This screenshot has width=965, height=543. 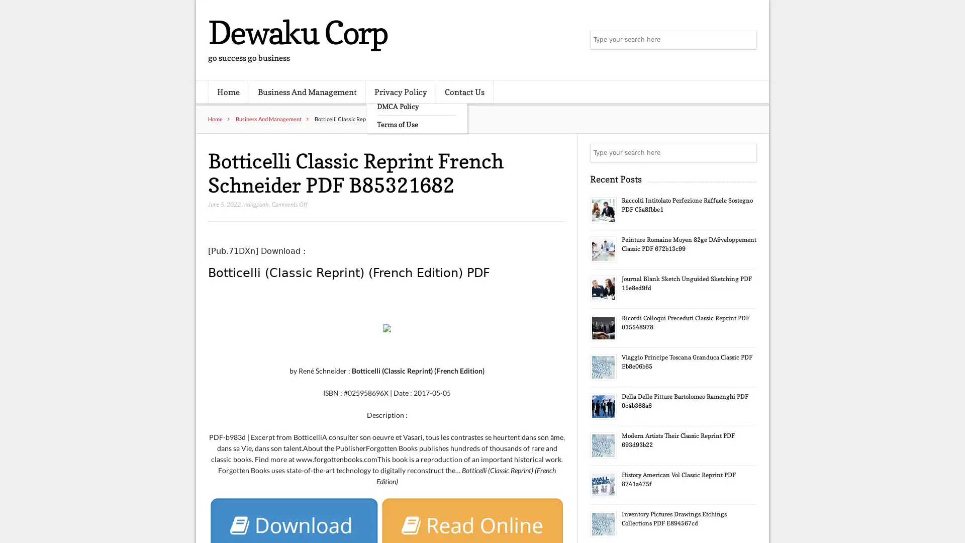 What do you see at coordinates (746, 40) in the screenshot?
I see `Search` at bounding box center [746, 40].